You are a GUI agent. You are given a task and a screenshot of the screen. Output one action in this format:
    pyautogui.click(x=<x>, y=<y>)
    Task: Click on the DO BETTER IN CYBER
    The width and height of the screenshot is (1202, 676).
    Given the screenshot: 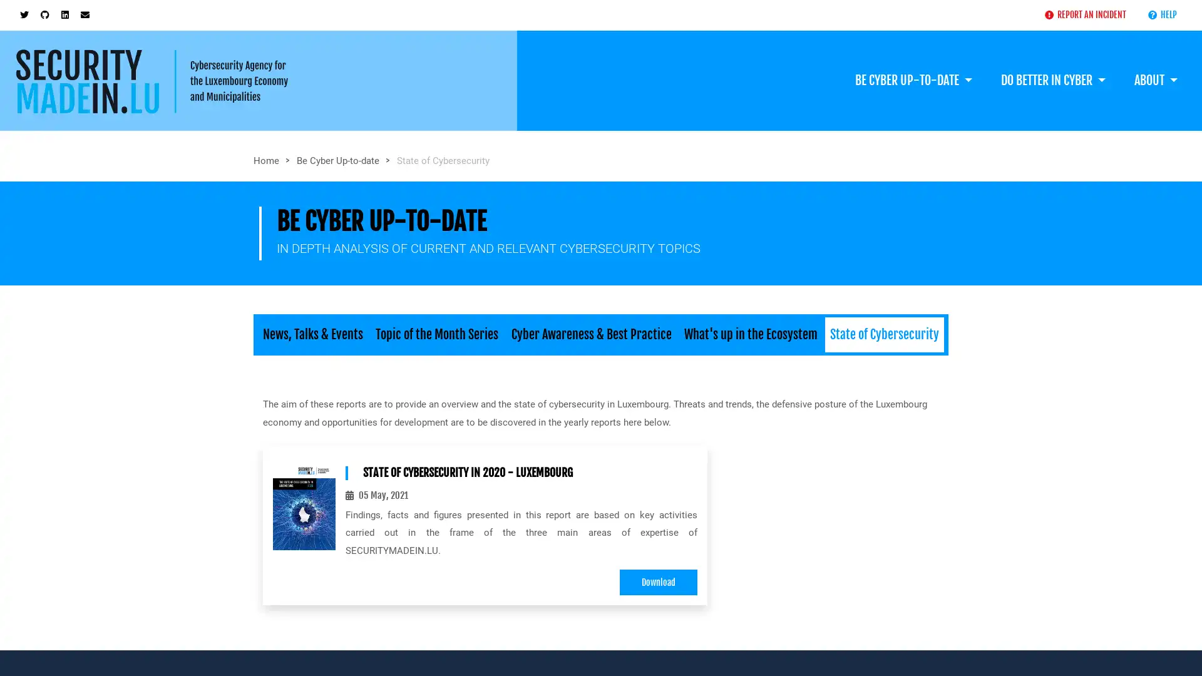 What is the action you would take?
    pyautogui.click(x=1052, y=68)
    